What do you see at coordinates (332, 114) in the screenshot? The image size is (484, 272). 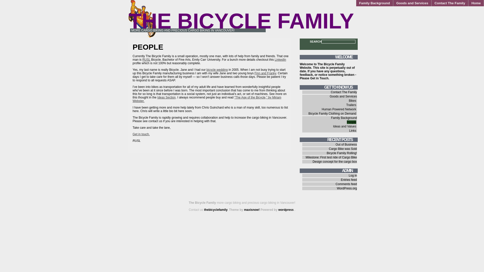 I see `'Bicycle Family Clothing on Demand'` at bounding box center [332, 114].